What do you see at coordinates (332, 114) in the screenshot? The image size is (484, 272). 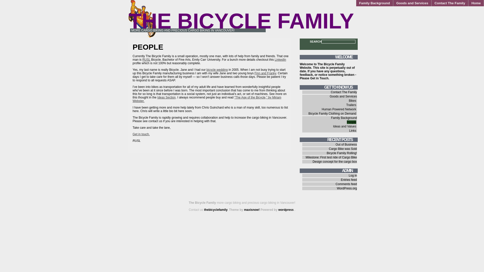 I see `'Bicycle Family Clothing on Demand'` at bounding box center [332, 114].